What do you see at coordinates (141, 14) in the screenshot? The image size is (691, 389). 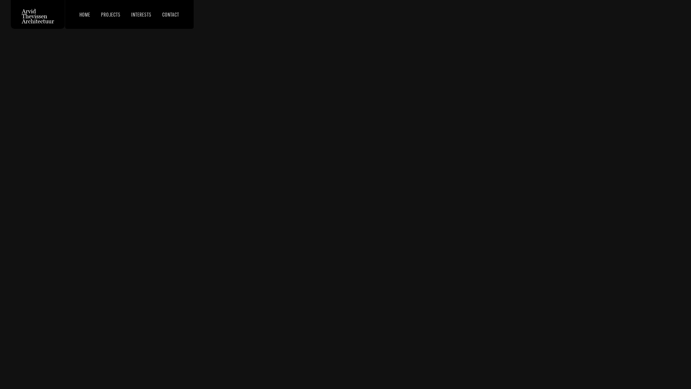 I see `'INTERESTS'` at bounding box center [141, 14].